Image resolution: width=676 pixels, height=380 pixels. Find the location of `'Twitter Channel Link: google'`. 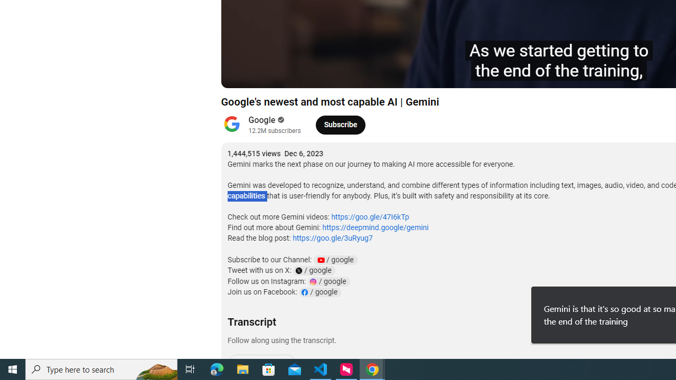

'Twitter Channel Link: google' is located at coordinates (313, 270).